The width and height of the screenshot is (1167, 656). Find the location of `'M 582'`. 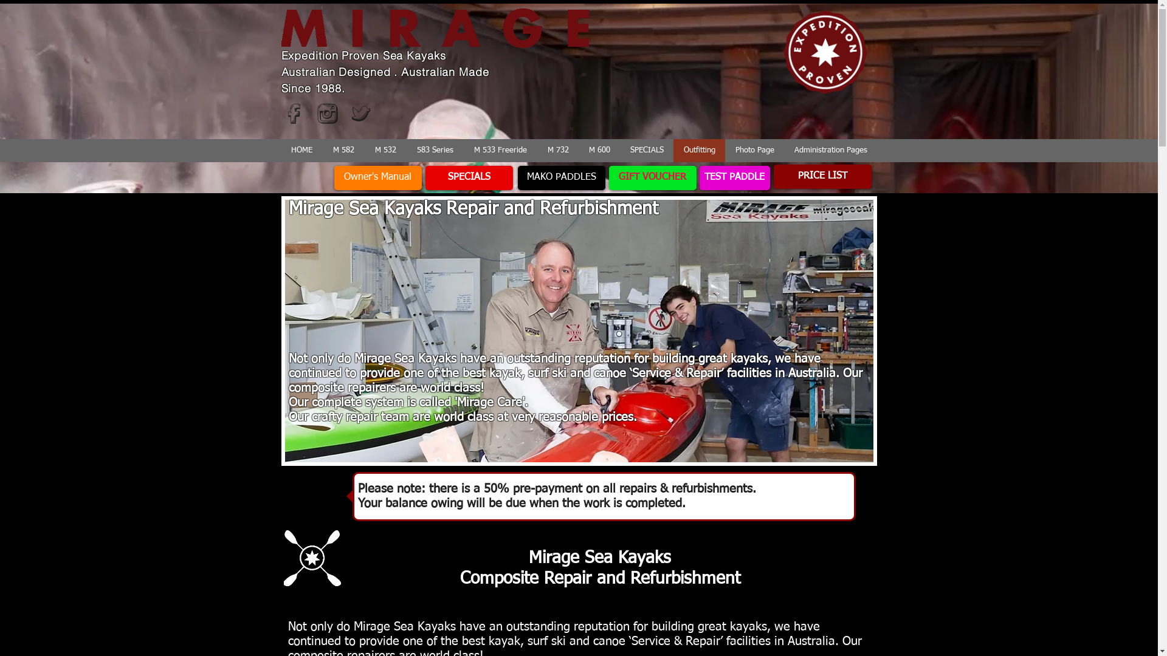

'M 582' is located at coordinates (342, 149).